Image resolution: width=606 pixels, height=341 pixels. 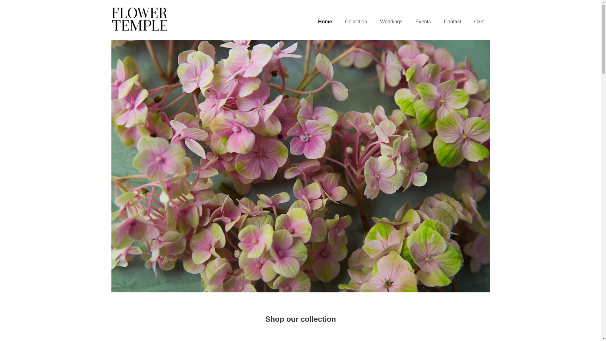 What do you see at coordinates (452, 22) in the screenshot?
I see `'Contact'` at bounding box center [452, 22].